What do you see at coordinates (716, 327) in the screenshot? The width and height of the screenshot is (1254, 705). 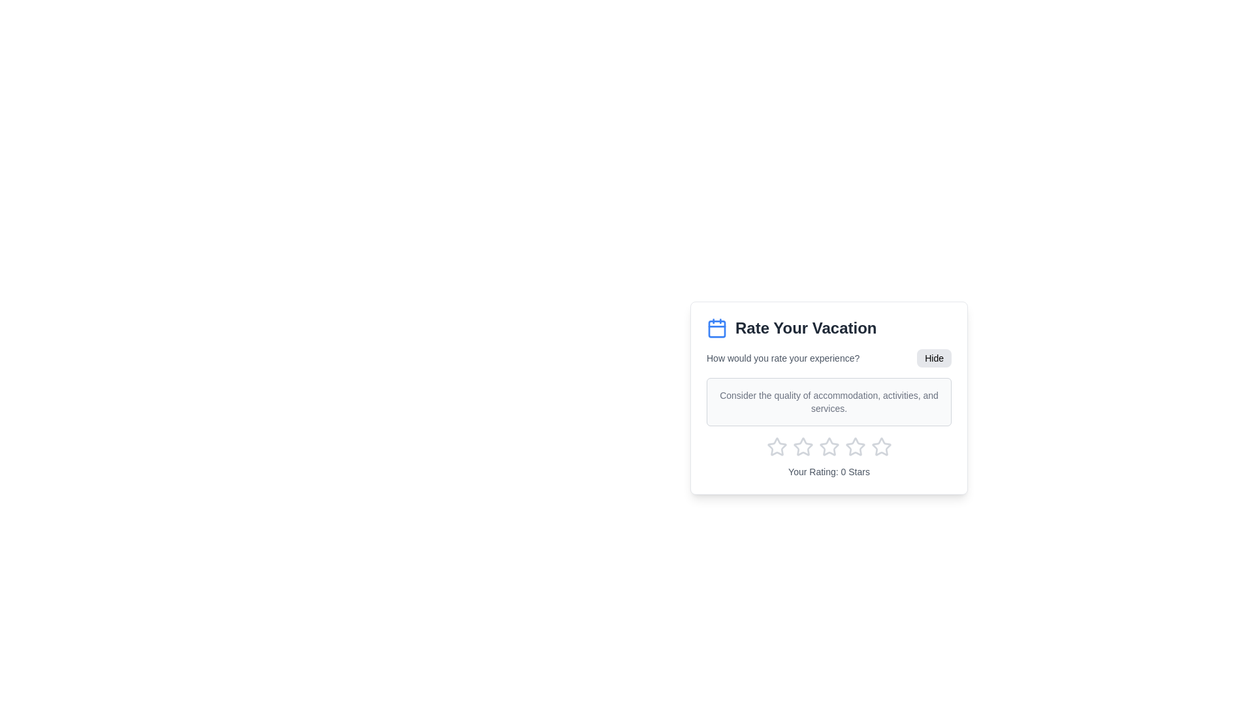 I see `the icon located at the top left of the 'Rate Your Vacation' section, which symbolizes scheduling or dates` at bounding box center [716, 327].